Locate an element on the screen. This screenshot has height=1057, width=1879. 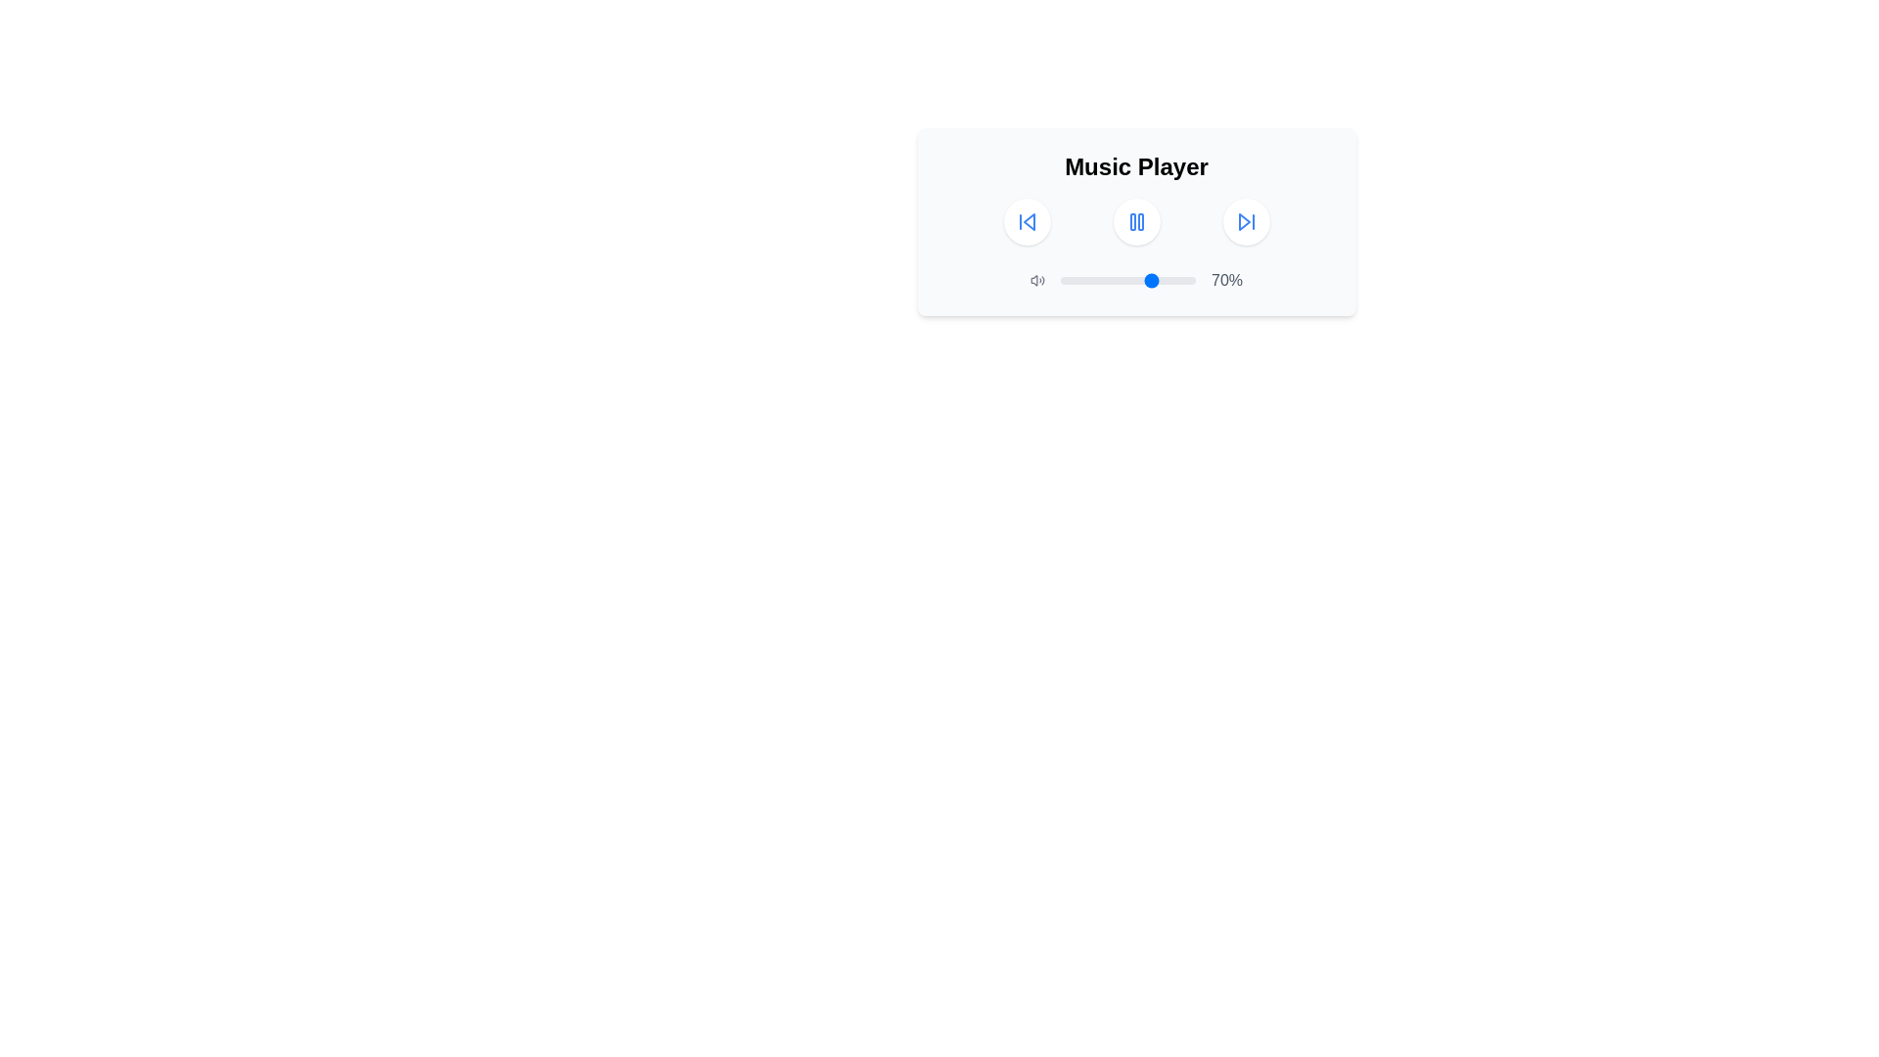
displayed text '70%' from the gray Label located to the right of the horizontal volume slider in the music playback interface is located at coordinates (1225, 280).